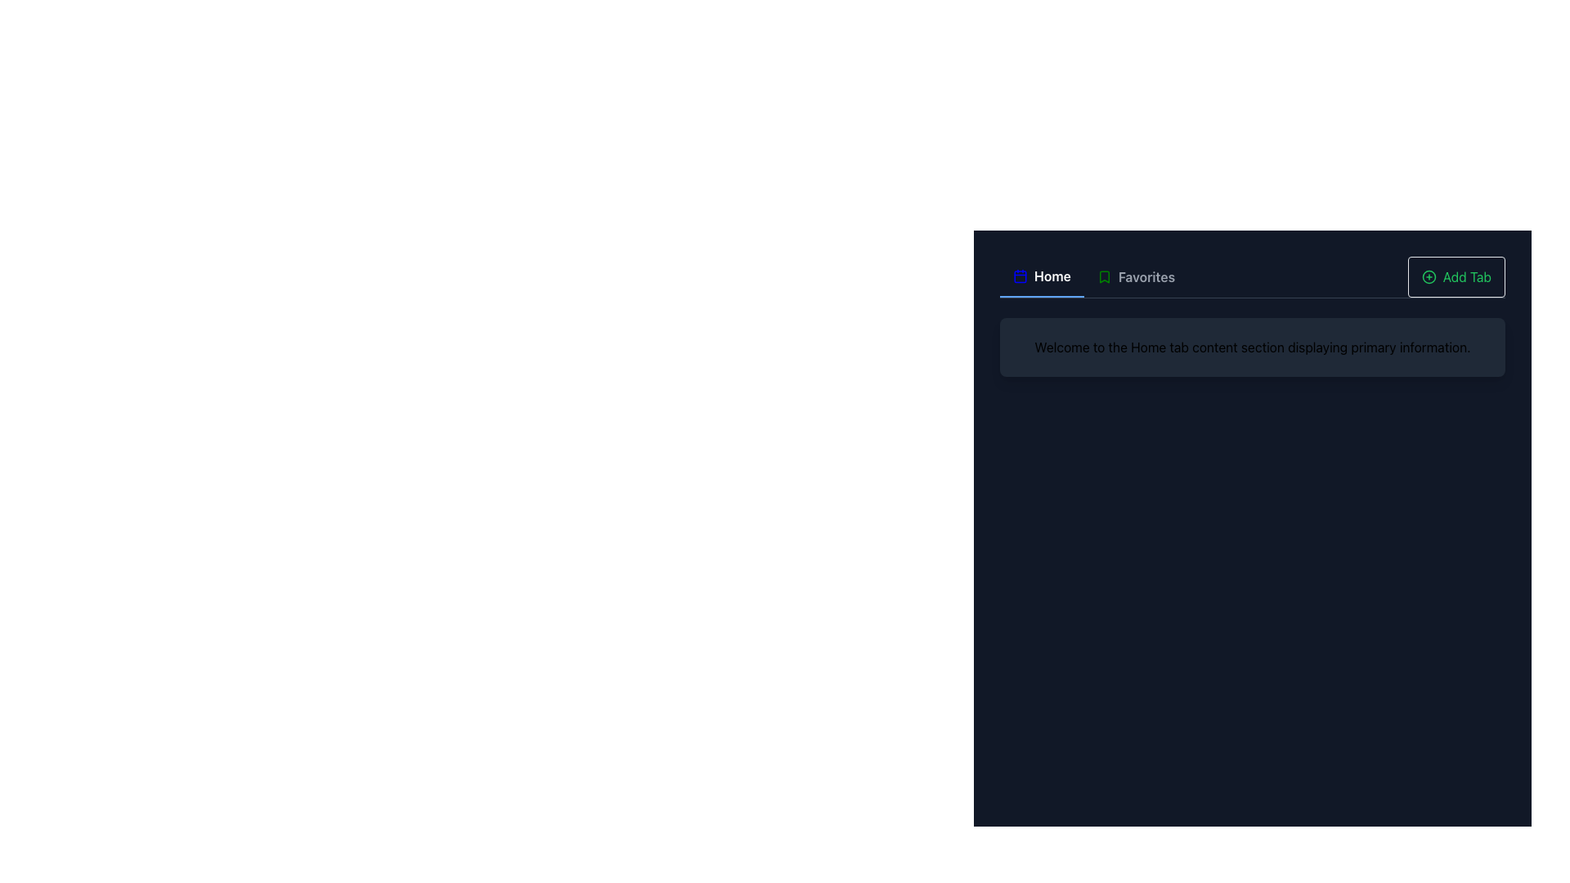 This screenshot has width=1570, height=883. Describe the element at coordinates (1052, 276) in the screenshot. I see `the 'Home' navigation tab located in the top menu bar, which is adjacent to a calendar icon on the left and 'Favorites' on the right` at that location.